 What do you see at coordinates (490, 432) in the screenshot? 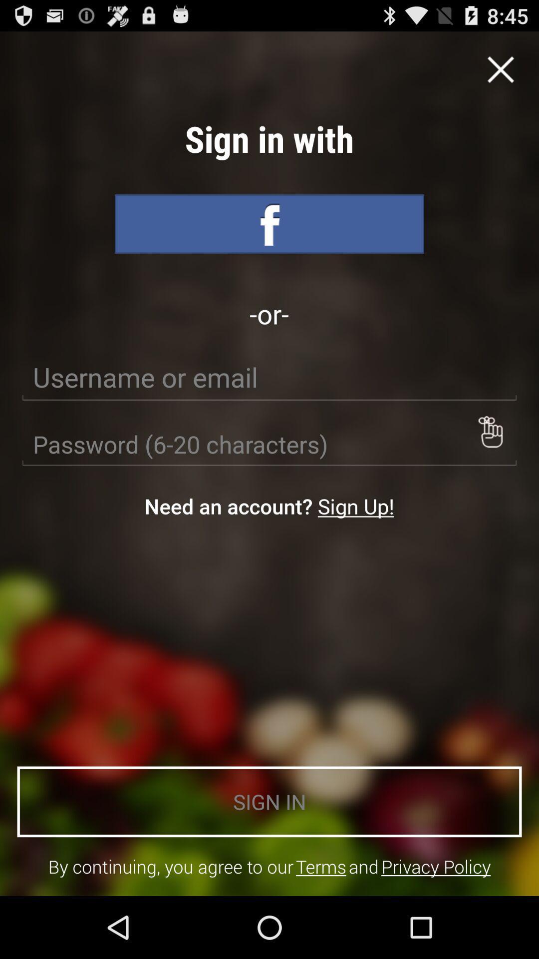
I see `see password` at bounding box center [490, 432].